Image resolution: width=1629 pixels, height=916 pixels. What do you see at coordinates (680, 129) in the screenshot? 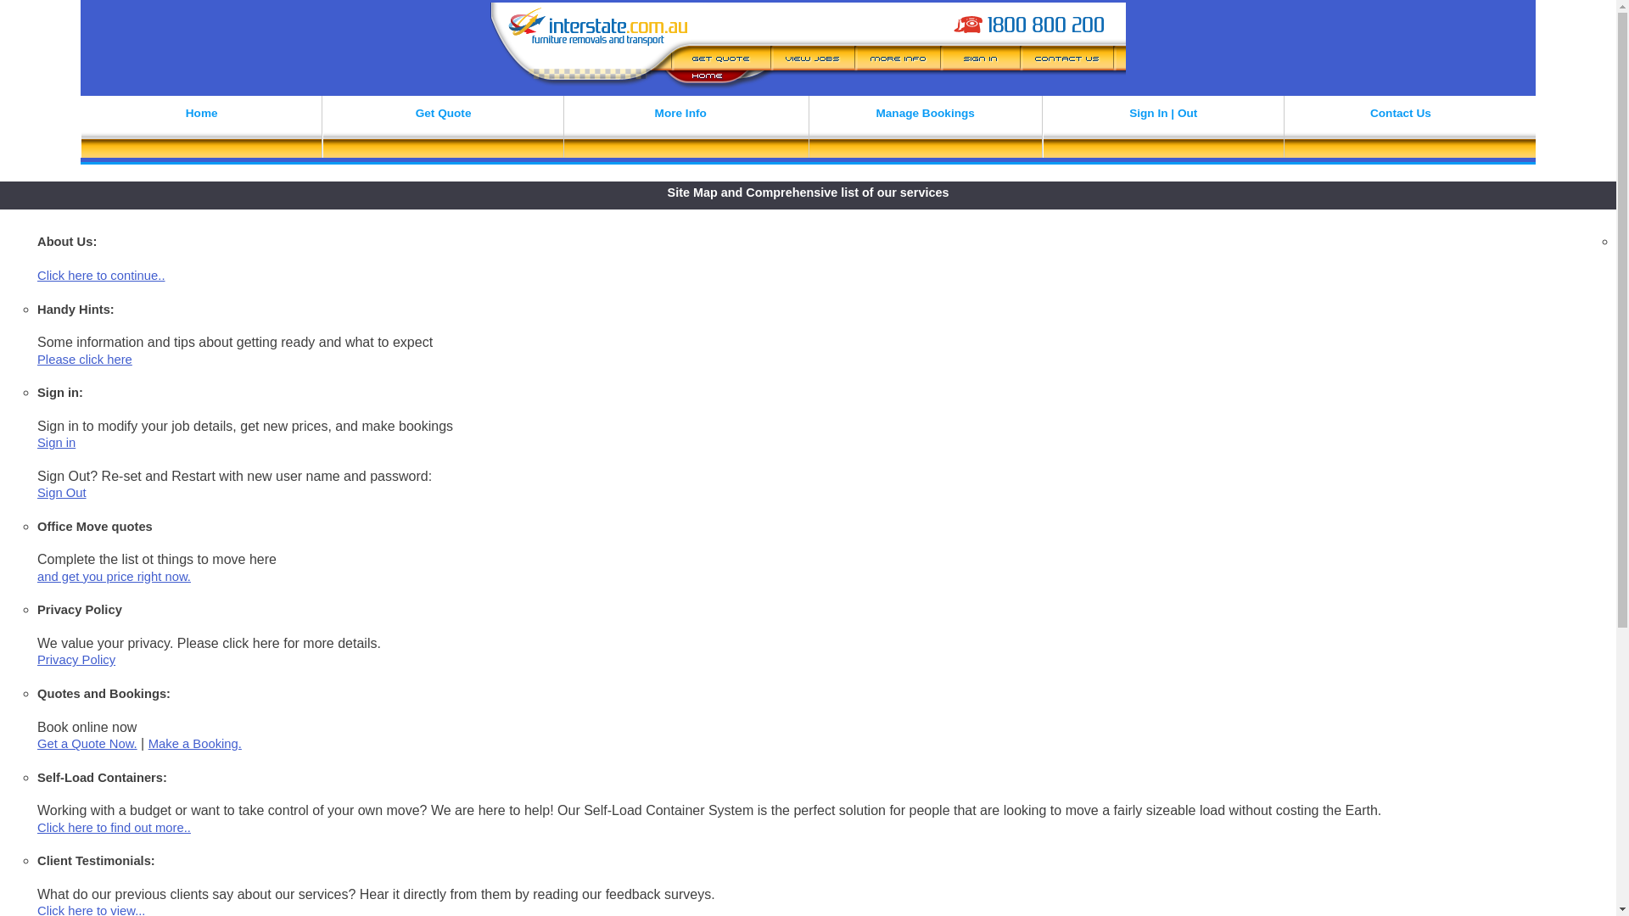
I see `'More Info'` at bounding box center [680, 129].